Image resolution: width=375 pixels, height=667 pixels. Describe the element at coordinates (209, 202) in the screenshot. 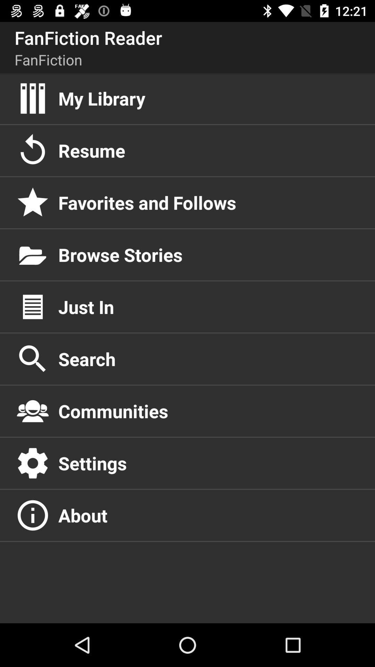

I see `the favorites and follows icon` at that location.